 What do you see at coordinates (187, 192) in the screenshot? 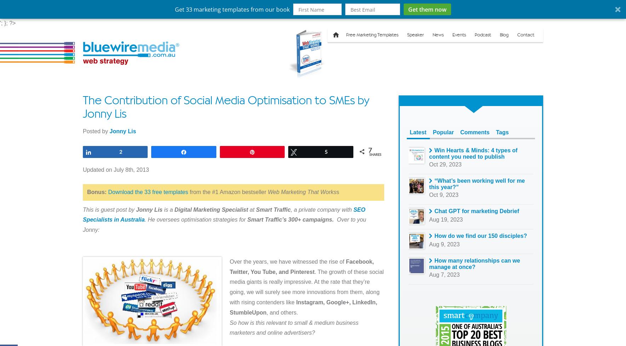
I see `'from the #1 Amazon bestseller'` at bounding box center [187, 192].